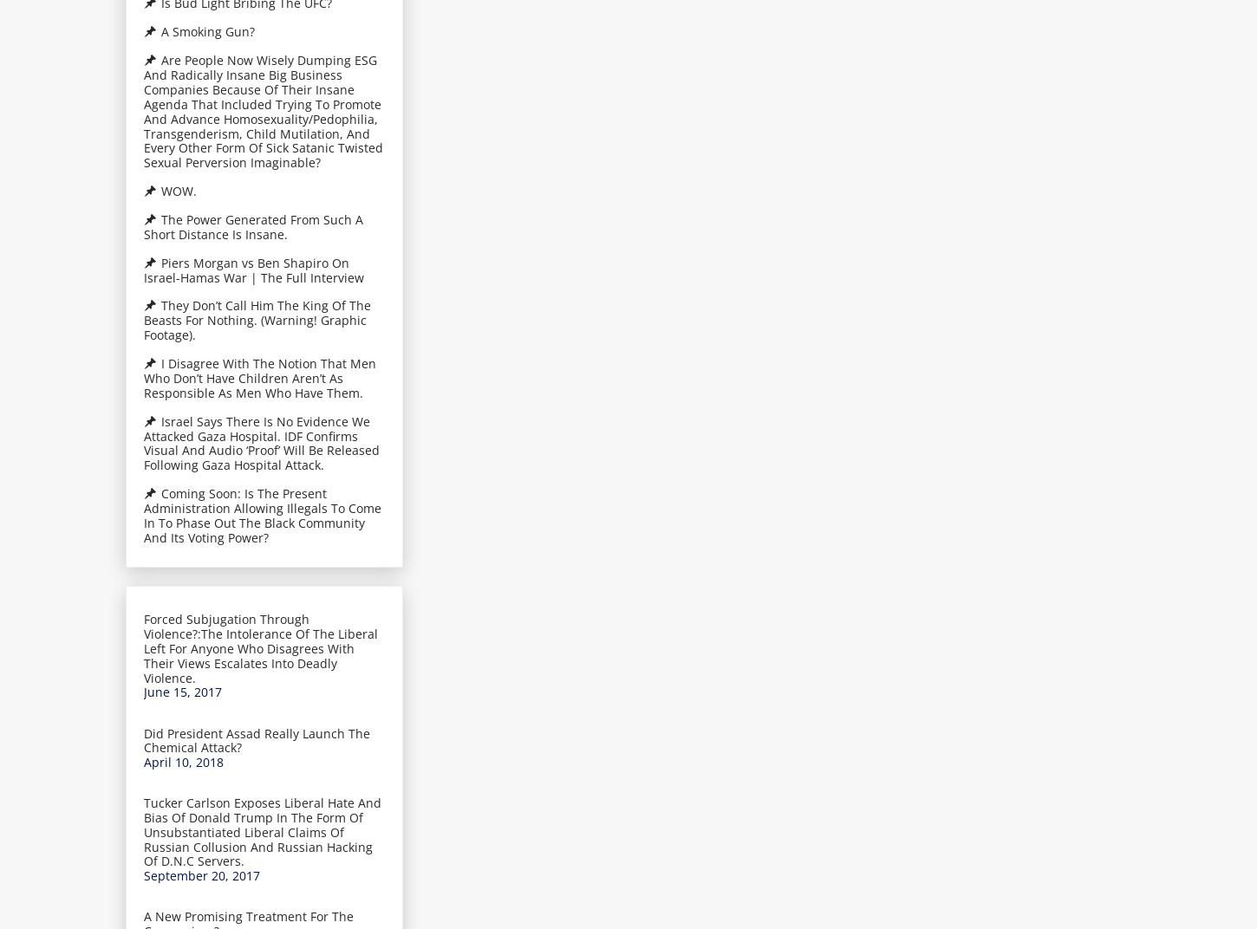 This screenshot has height=929, width=1257. Describe the element at coordinates (143, 875) in the screenshot. I see `'September 20, 2017'` at that location.